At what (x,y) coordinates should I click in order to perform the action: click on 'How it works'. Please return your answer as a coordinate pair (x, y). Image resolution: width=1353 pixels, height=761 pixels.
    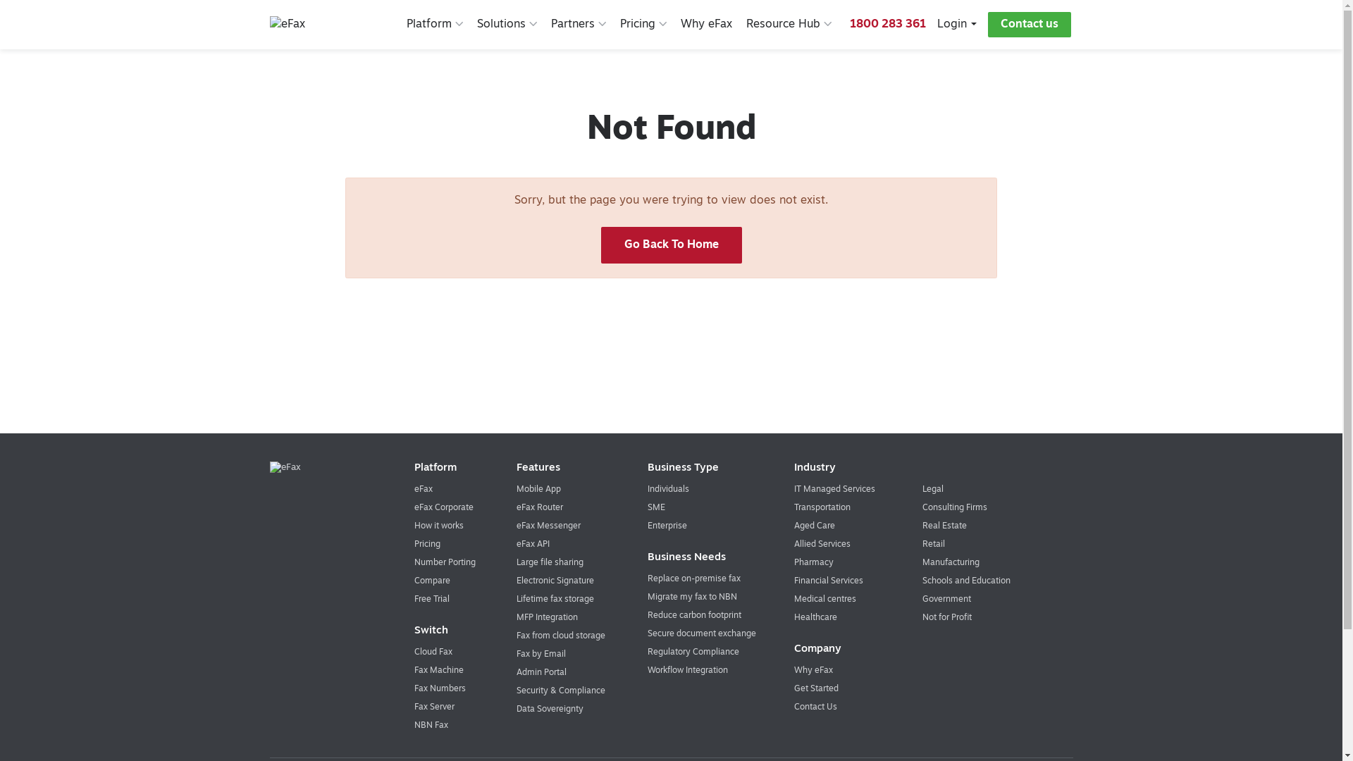
    Looking at the image, I should click on (438, 526).